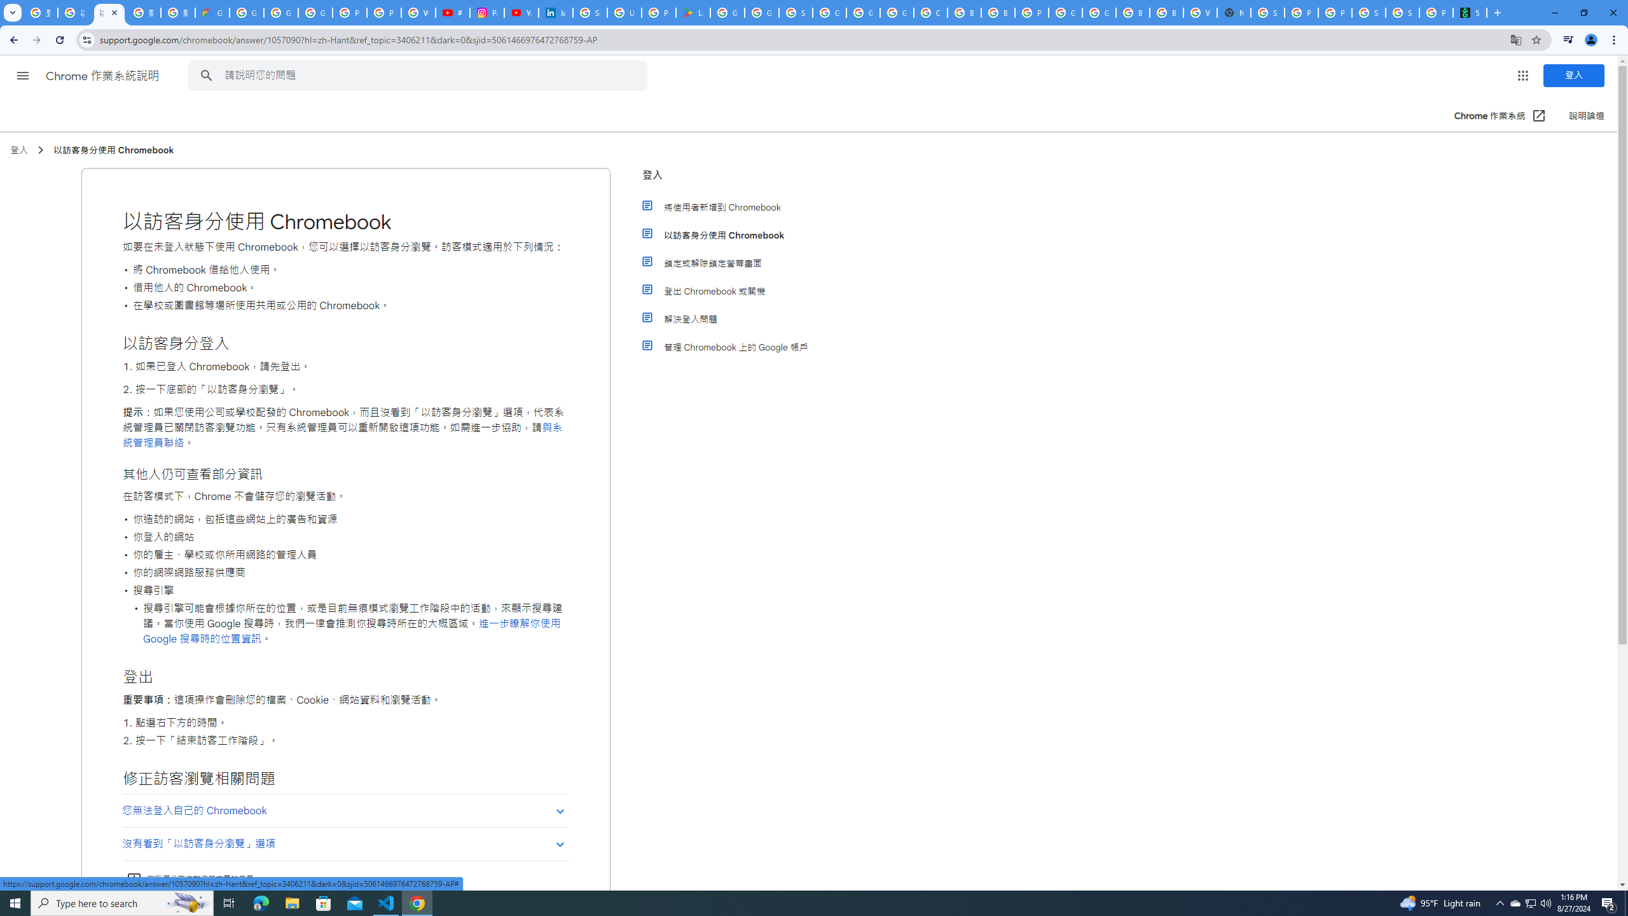 This screenshot has height=916, width=1628. What do you see at coordinates (762, 12) in the screenshot?
I see `'Google Workspace - Specific Terms'` at bounding box center [762, 12].